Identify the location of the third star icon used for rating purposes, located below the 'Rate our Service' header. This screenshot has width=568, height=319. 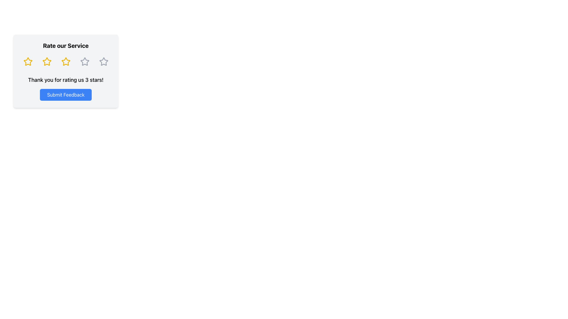
(66, 61).